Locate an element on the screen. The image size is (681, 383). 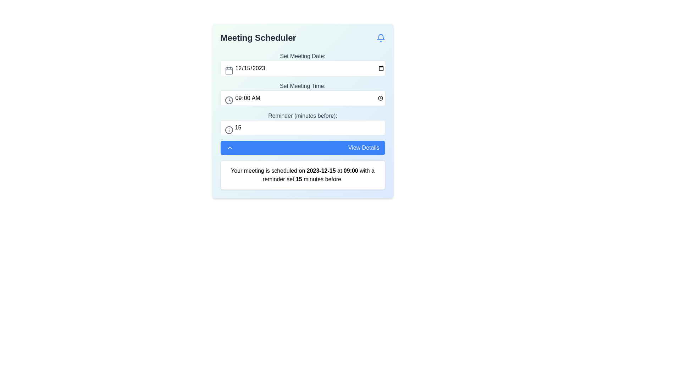
the chevron icon located to the left of the 'View Details' button is located at coordinates (229, 147).